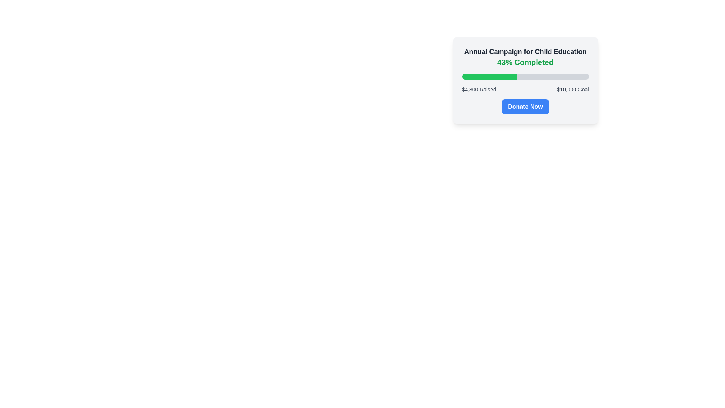 This screenshot has width=725, height=408. Describe the element at coordinates (489, 77) in the screenshot. I see `the filled segment of the progress bar, which is a distinct bright green rectangular element representing 43% of the total progress` at that location.